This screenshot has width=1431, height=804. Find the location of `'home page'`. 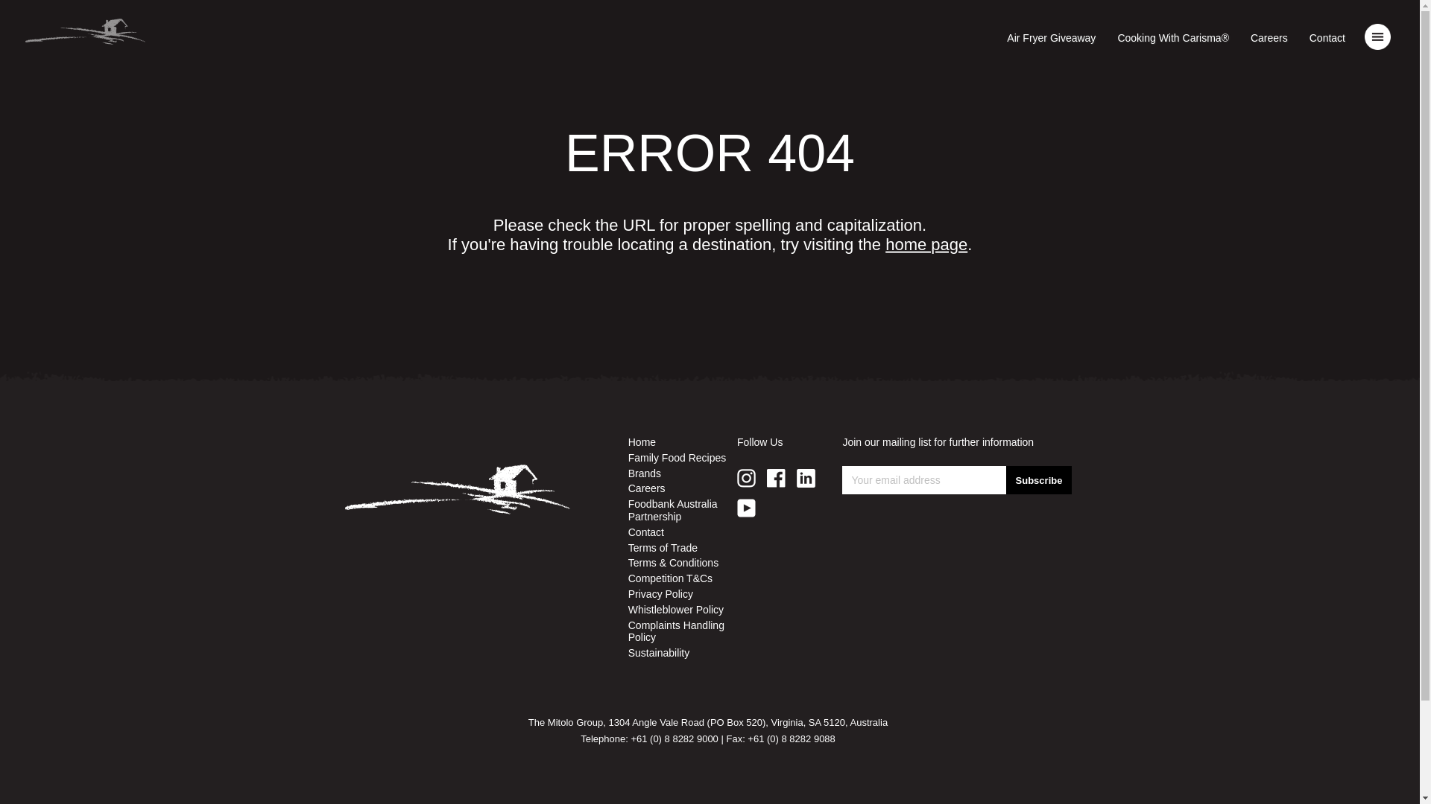

'home page' is located at coordinates (926, 243).